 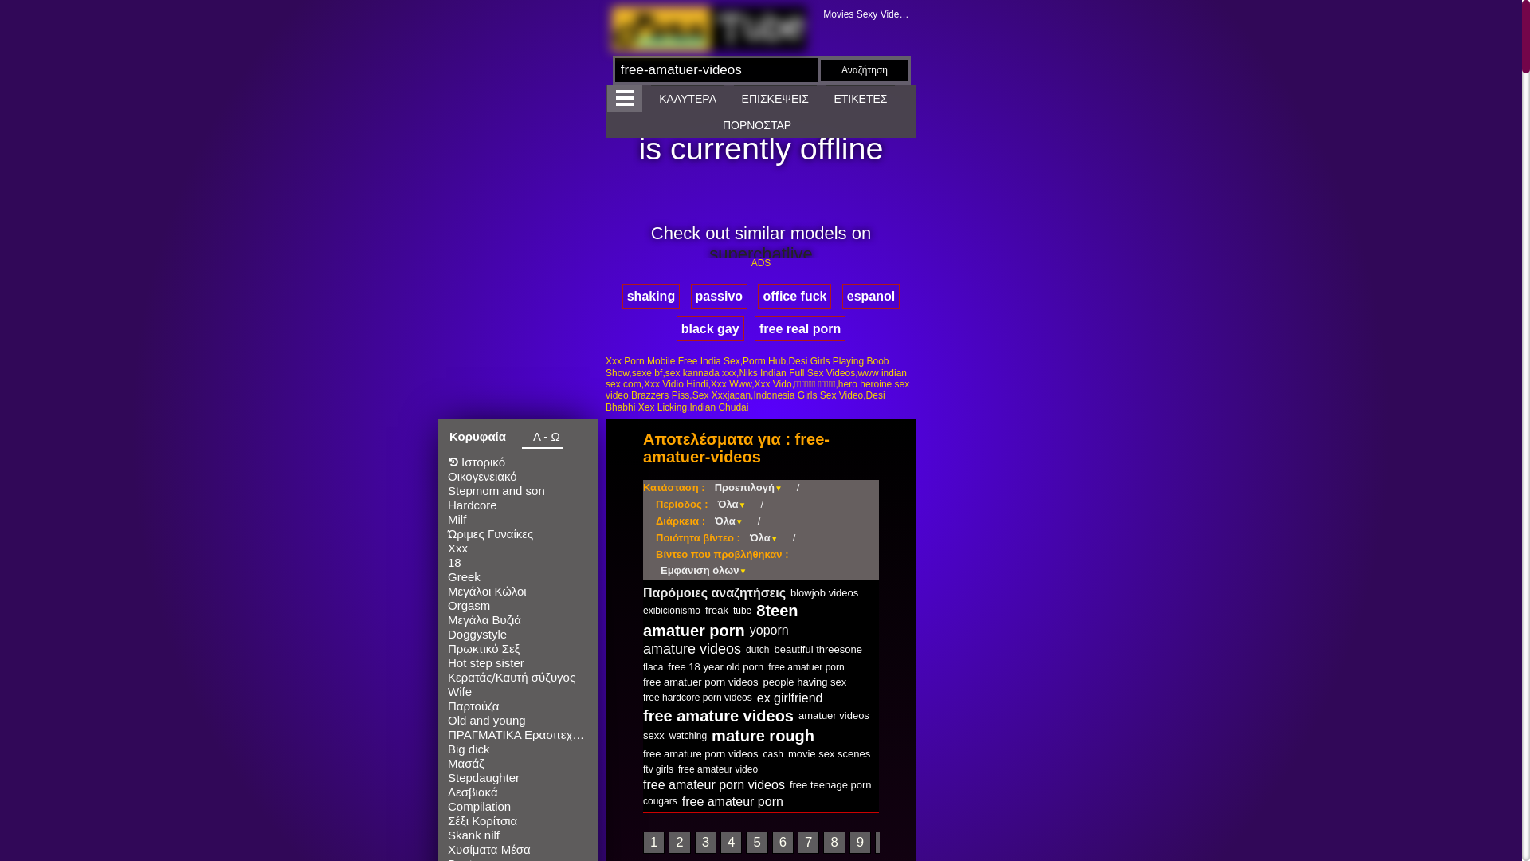 I want to click on 'Stepdaughter', so click(x=446, y=776).